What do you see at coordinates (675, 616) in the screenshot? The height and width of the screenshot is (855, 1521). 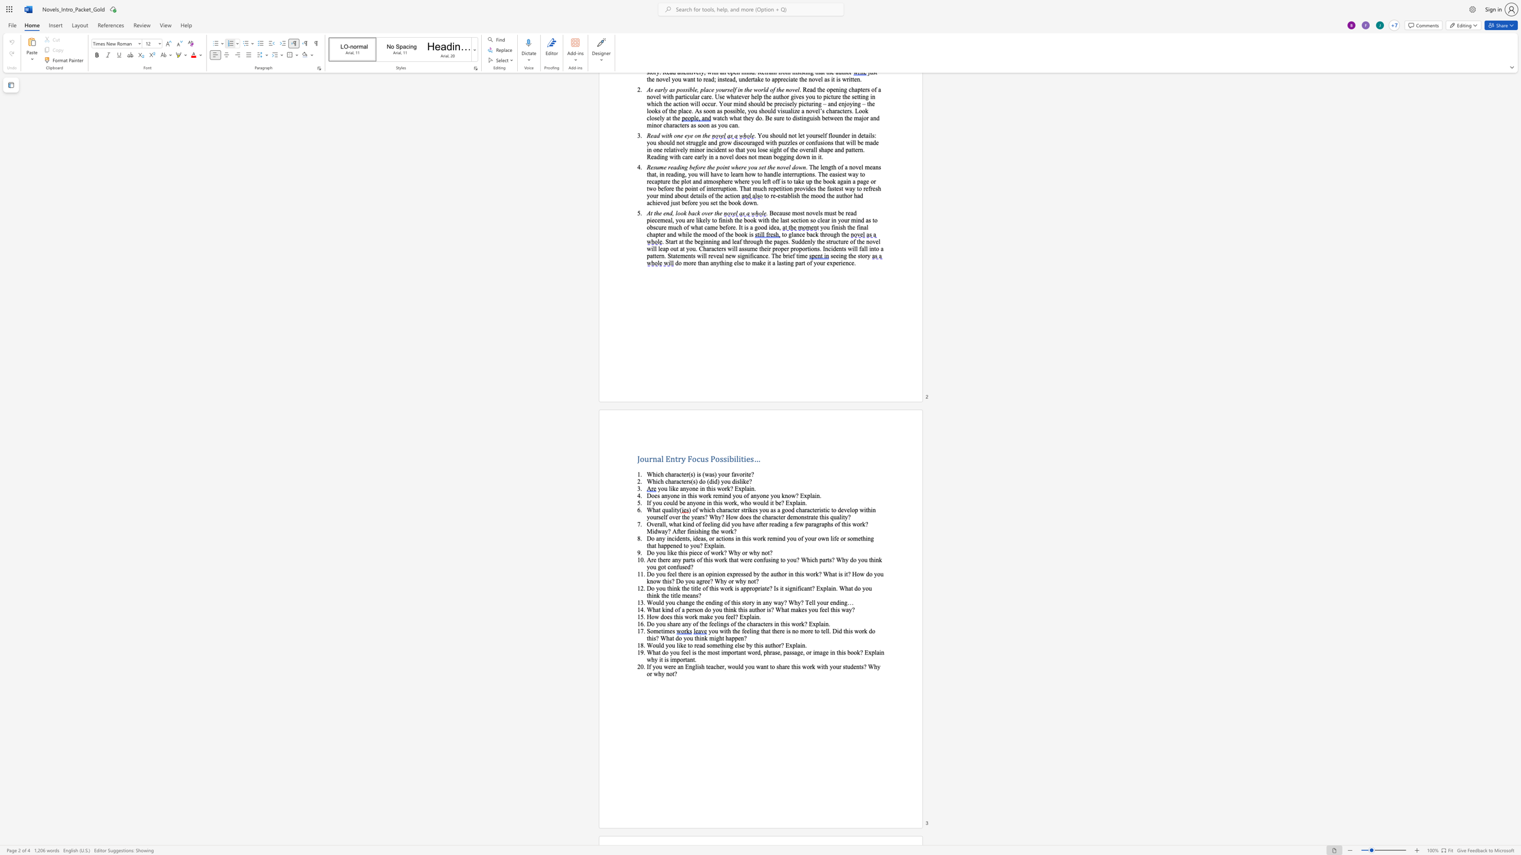 I see `the space between the continuous character "t" and "h" in the text` at bounding box center [675, 616].